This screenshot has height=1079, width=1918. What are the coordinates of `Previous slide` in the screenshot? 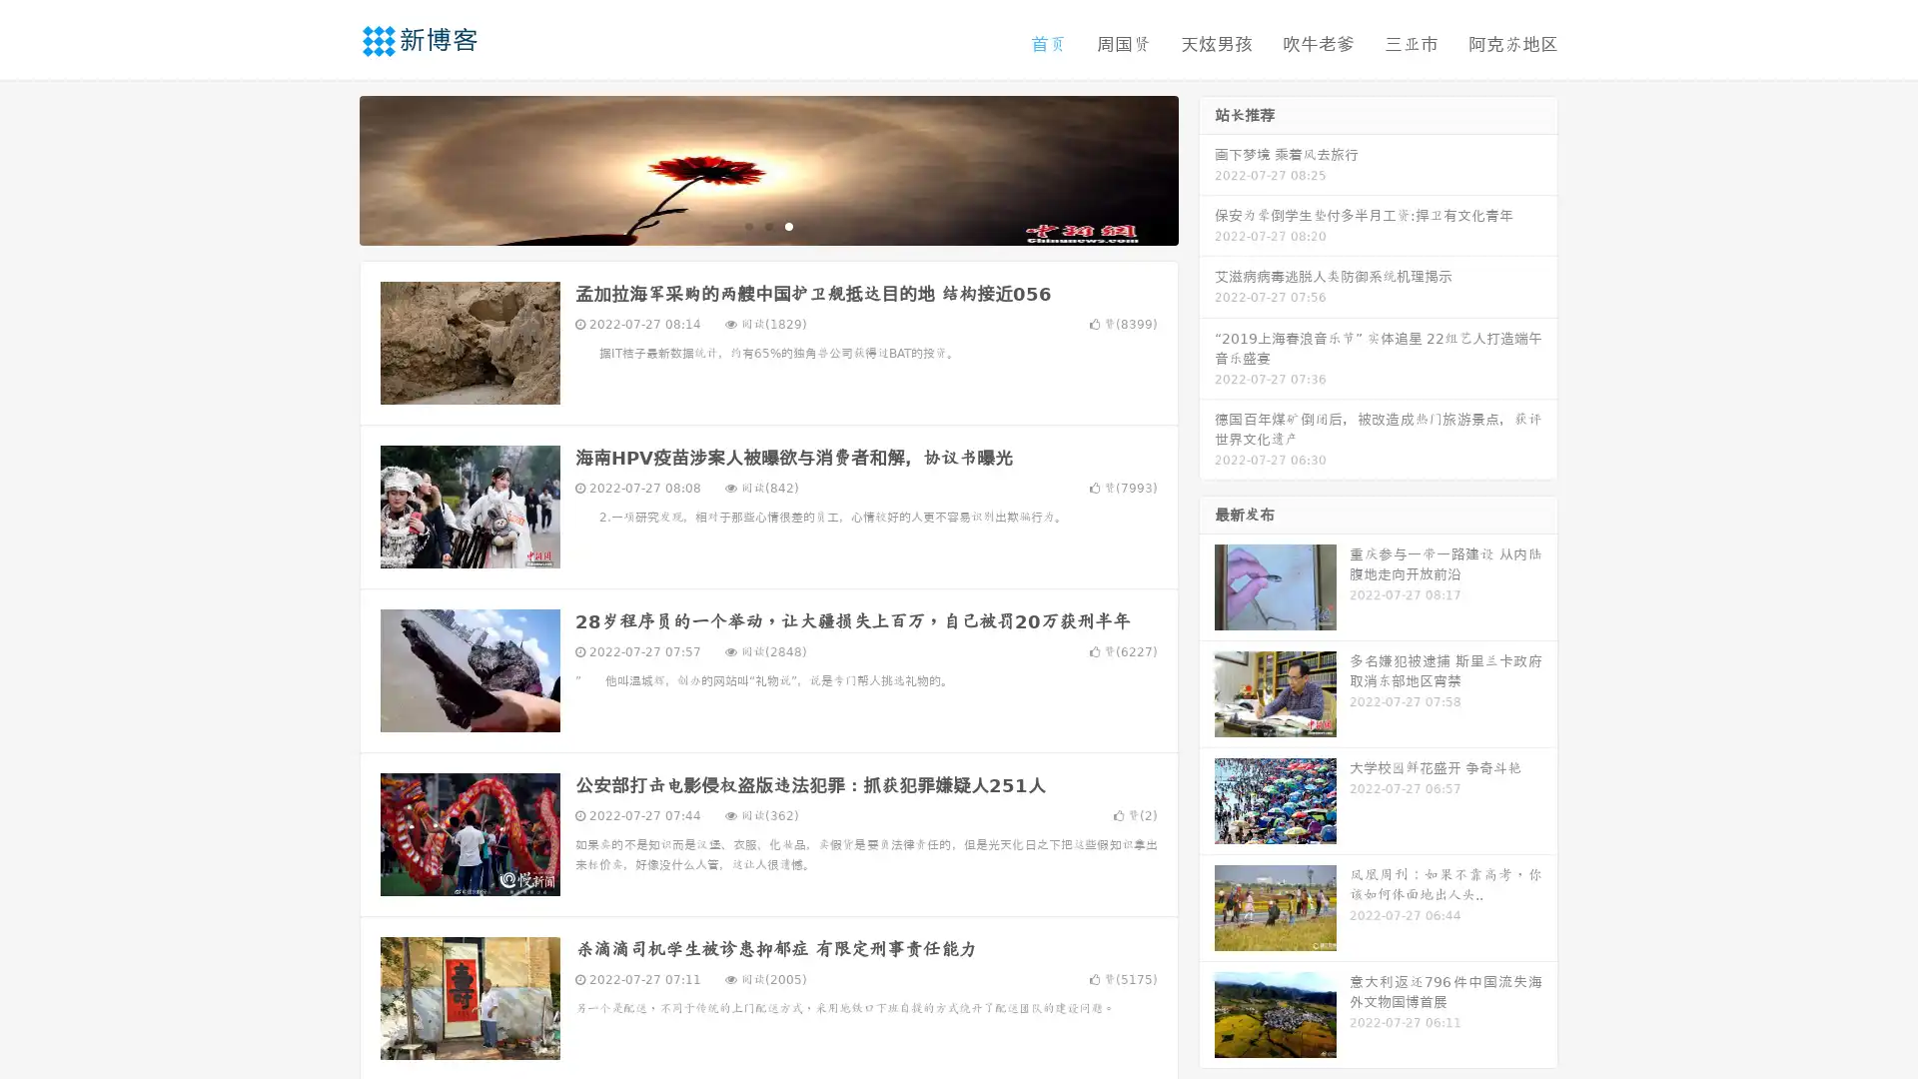 It's located at (330, 168).